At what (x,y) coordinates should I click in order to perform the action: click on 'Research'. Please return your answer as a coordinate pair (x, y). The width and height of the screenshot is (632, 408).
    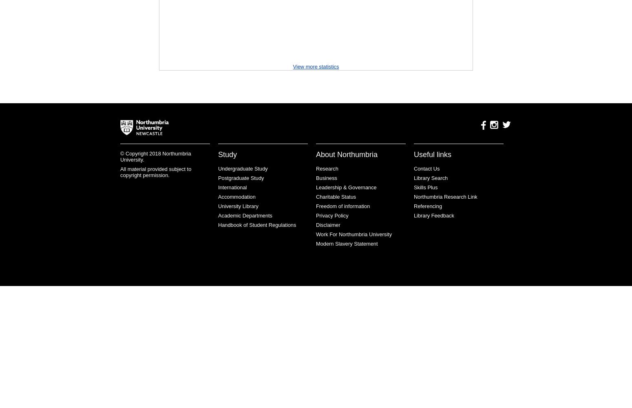
    Looking at the image, I should click on (326, 169).